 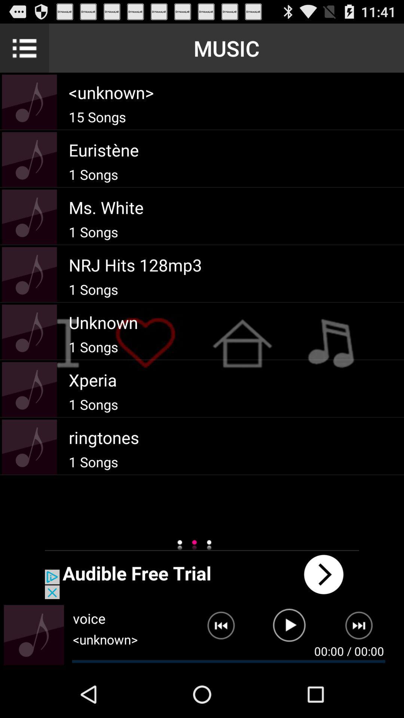 I want to click on the list icon, so click(x=24, y=51).